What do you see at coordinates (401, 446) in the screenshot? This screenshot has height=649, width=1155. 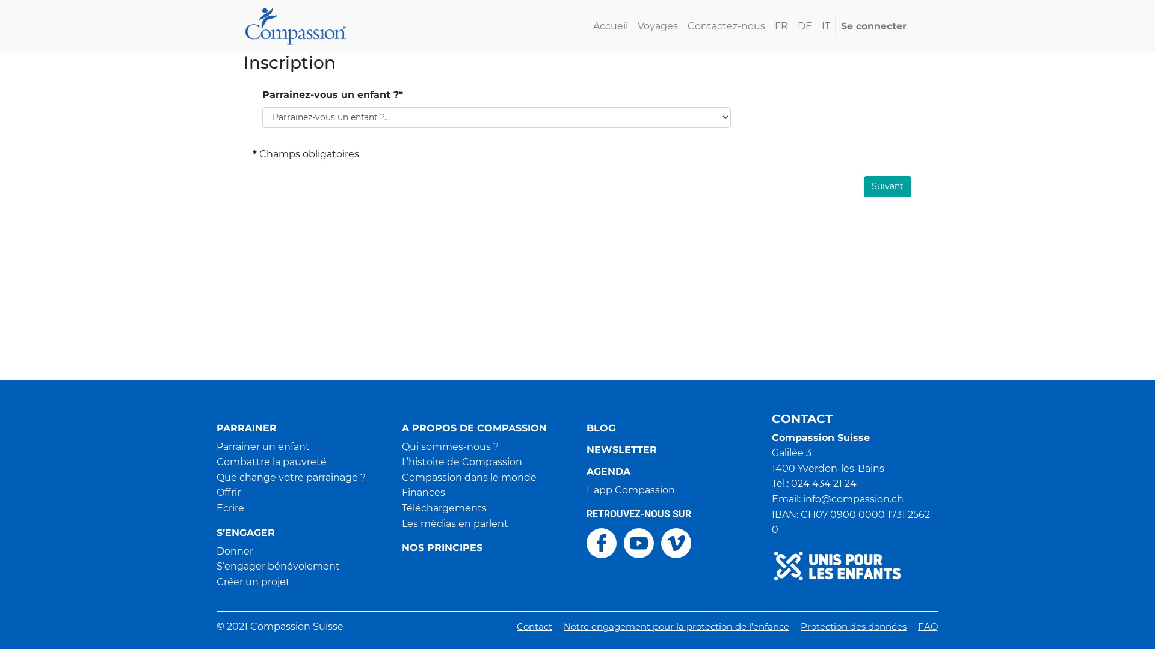 I see `'Qui sommes-nous ?'` at bounding box center [401, 446].